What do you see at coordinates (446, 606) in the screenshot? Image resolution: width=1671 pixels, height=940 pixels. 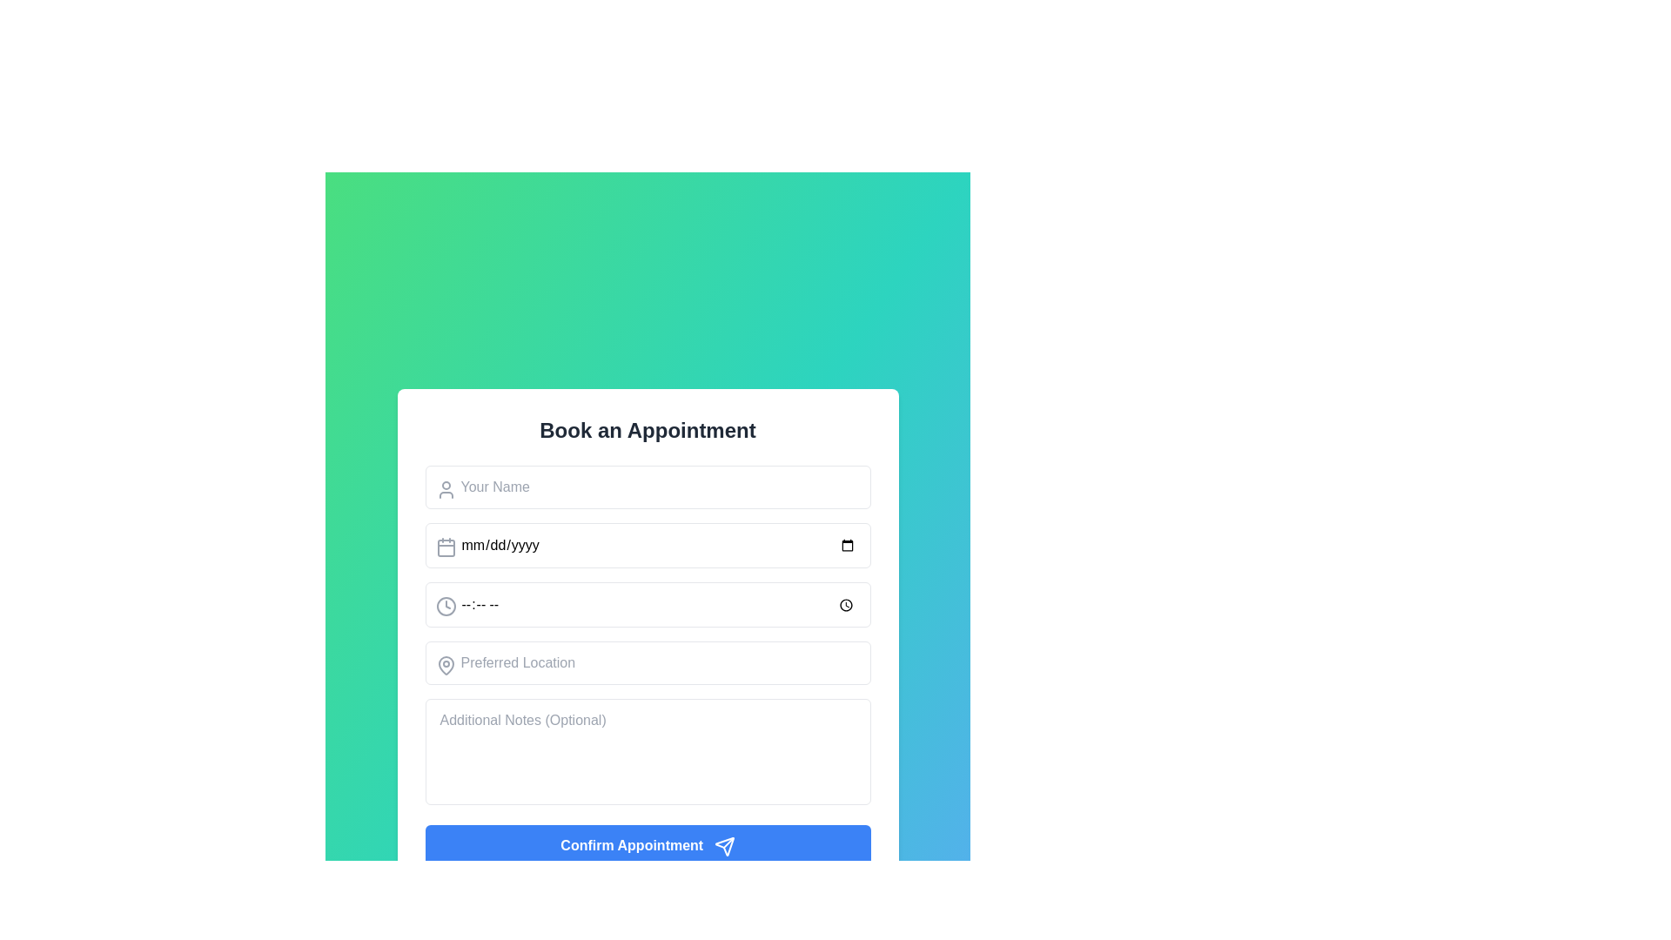 I see `the gray circular outline styled clock face that is part of the clock icon, located near the center of the clock icon in the user interface form` at bounding box center [446, 606].